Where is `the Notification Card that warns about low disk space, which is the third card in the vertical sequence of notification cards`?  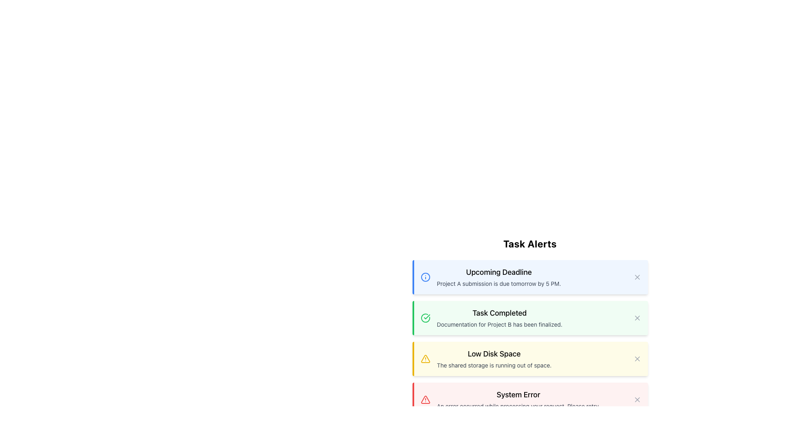
the Notification Card that warns about low disk space, which is the third card in the vertical sequence of notification cards is located at coordinates (530, 359).